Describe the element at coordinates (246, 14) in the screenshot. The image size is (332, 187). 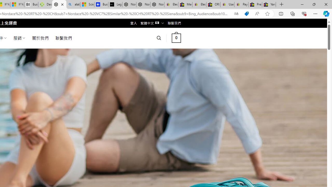
I see `'This site has coupons! Shopping in Microsoft Edge'` at that location.